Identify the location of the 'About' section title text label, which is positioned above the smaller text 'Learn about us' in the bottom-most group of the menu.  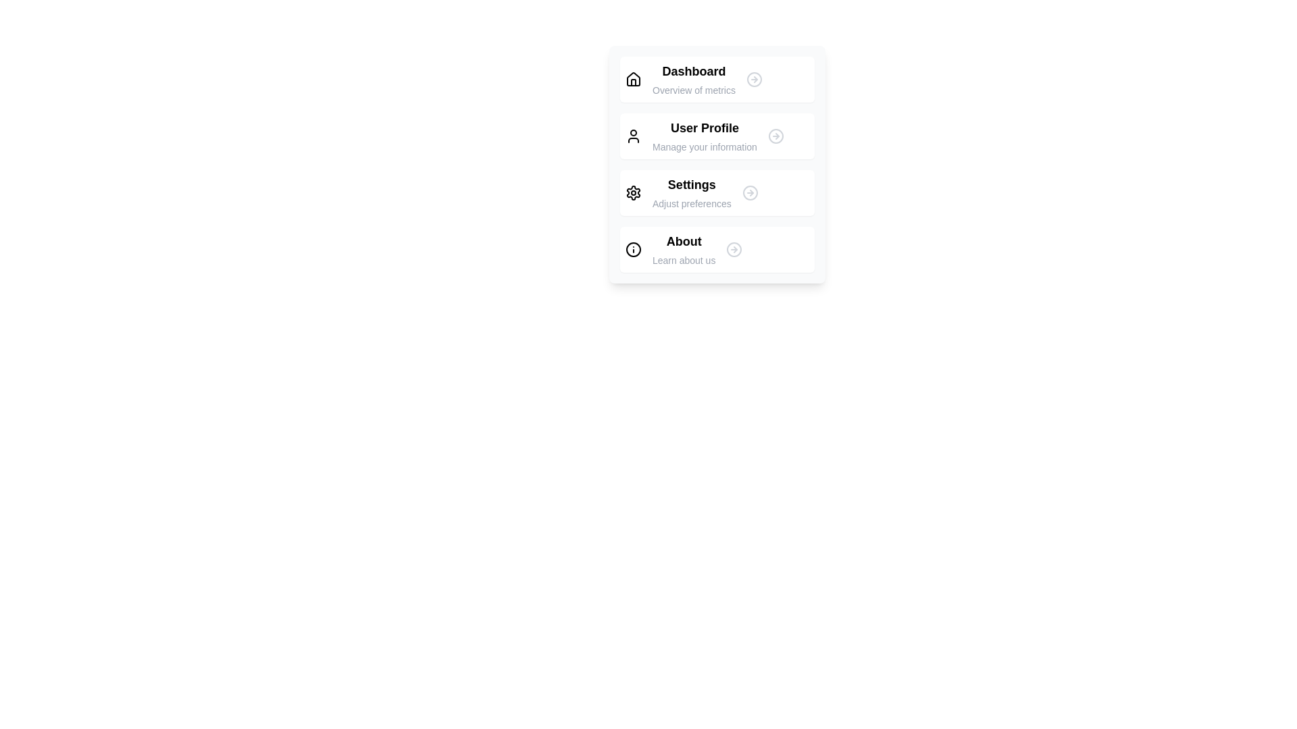
(684, 241).